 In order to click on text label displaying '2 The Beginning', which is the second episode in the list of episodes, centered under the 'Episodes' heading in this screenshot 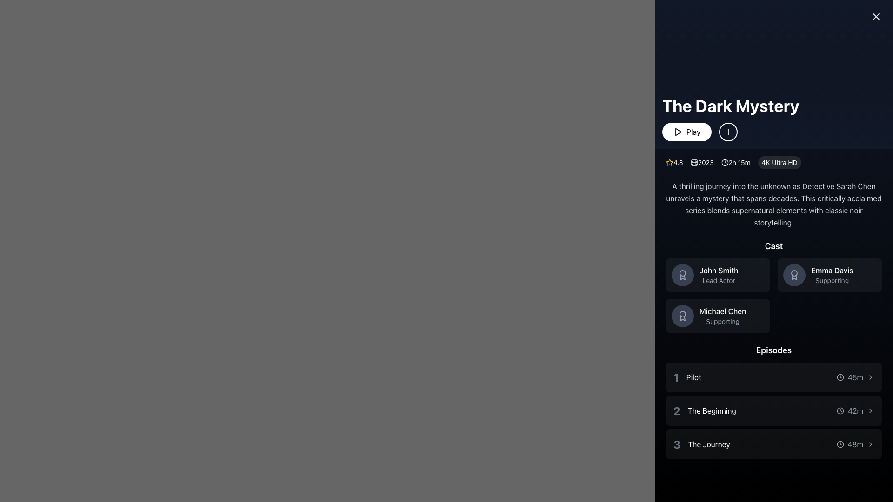, I will do `click(705, 410)`.